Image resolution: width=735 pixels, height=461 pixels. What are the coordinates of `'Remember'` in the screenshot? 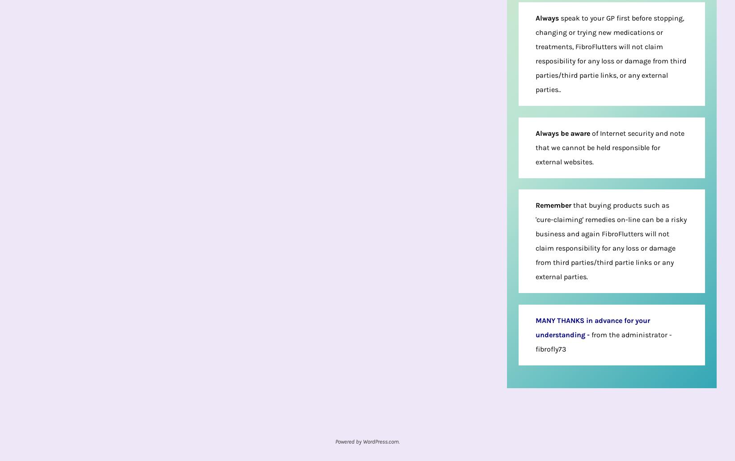 It's located at (535, 205).